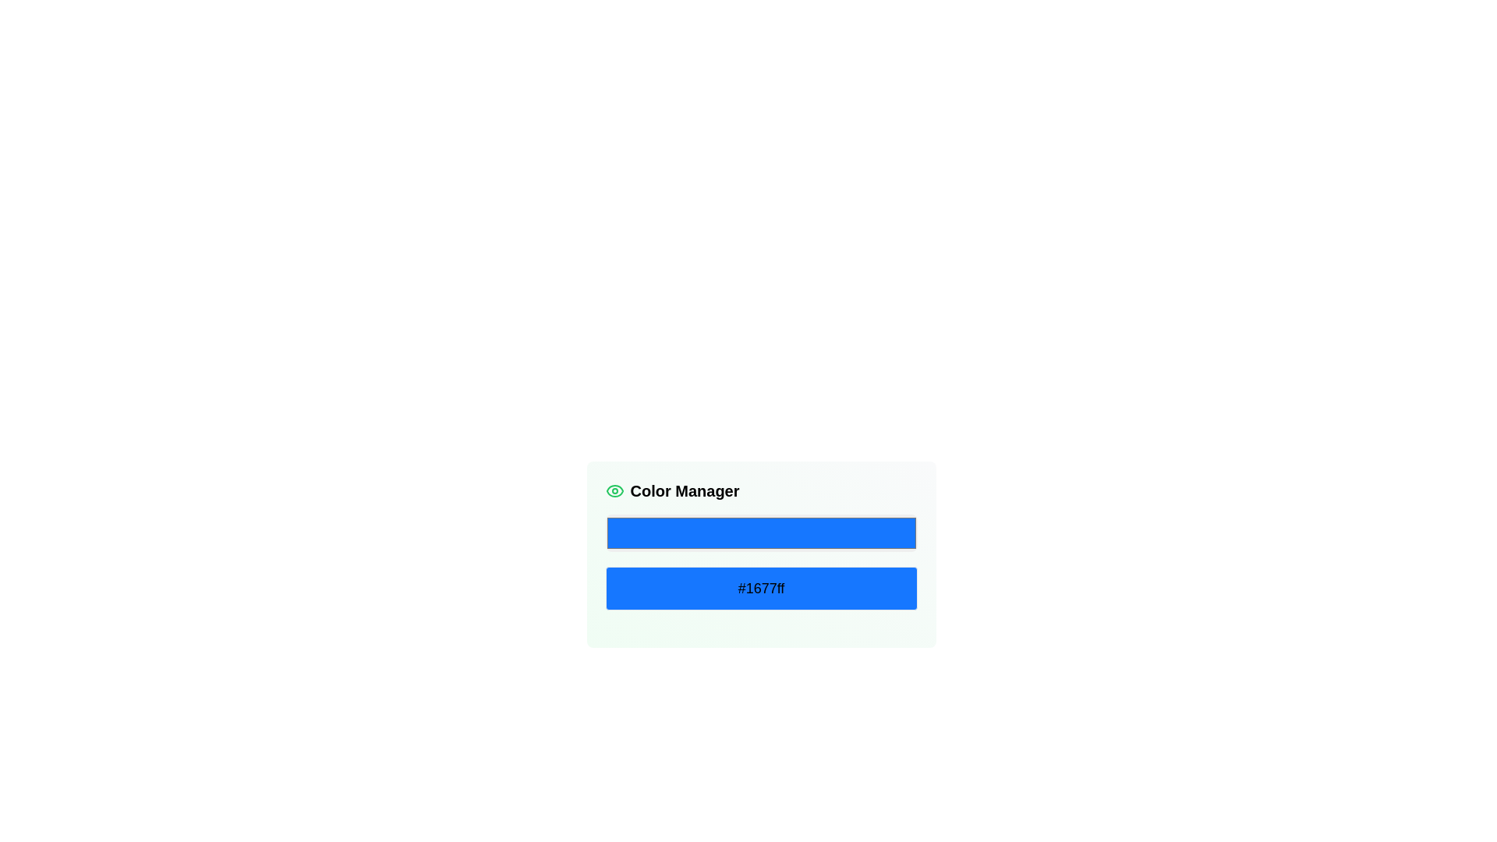 The width and height of the screenshot is (1497, 842). Describe the element at coordinates (614, 490) in the screenshot. I see `the eye icon located in the top-left corner of the 'Color Manager' panel` at that location.